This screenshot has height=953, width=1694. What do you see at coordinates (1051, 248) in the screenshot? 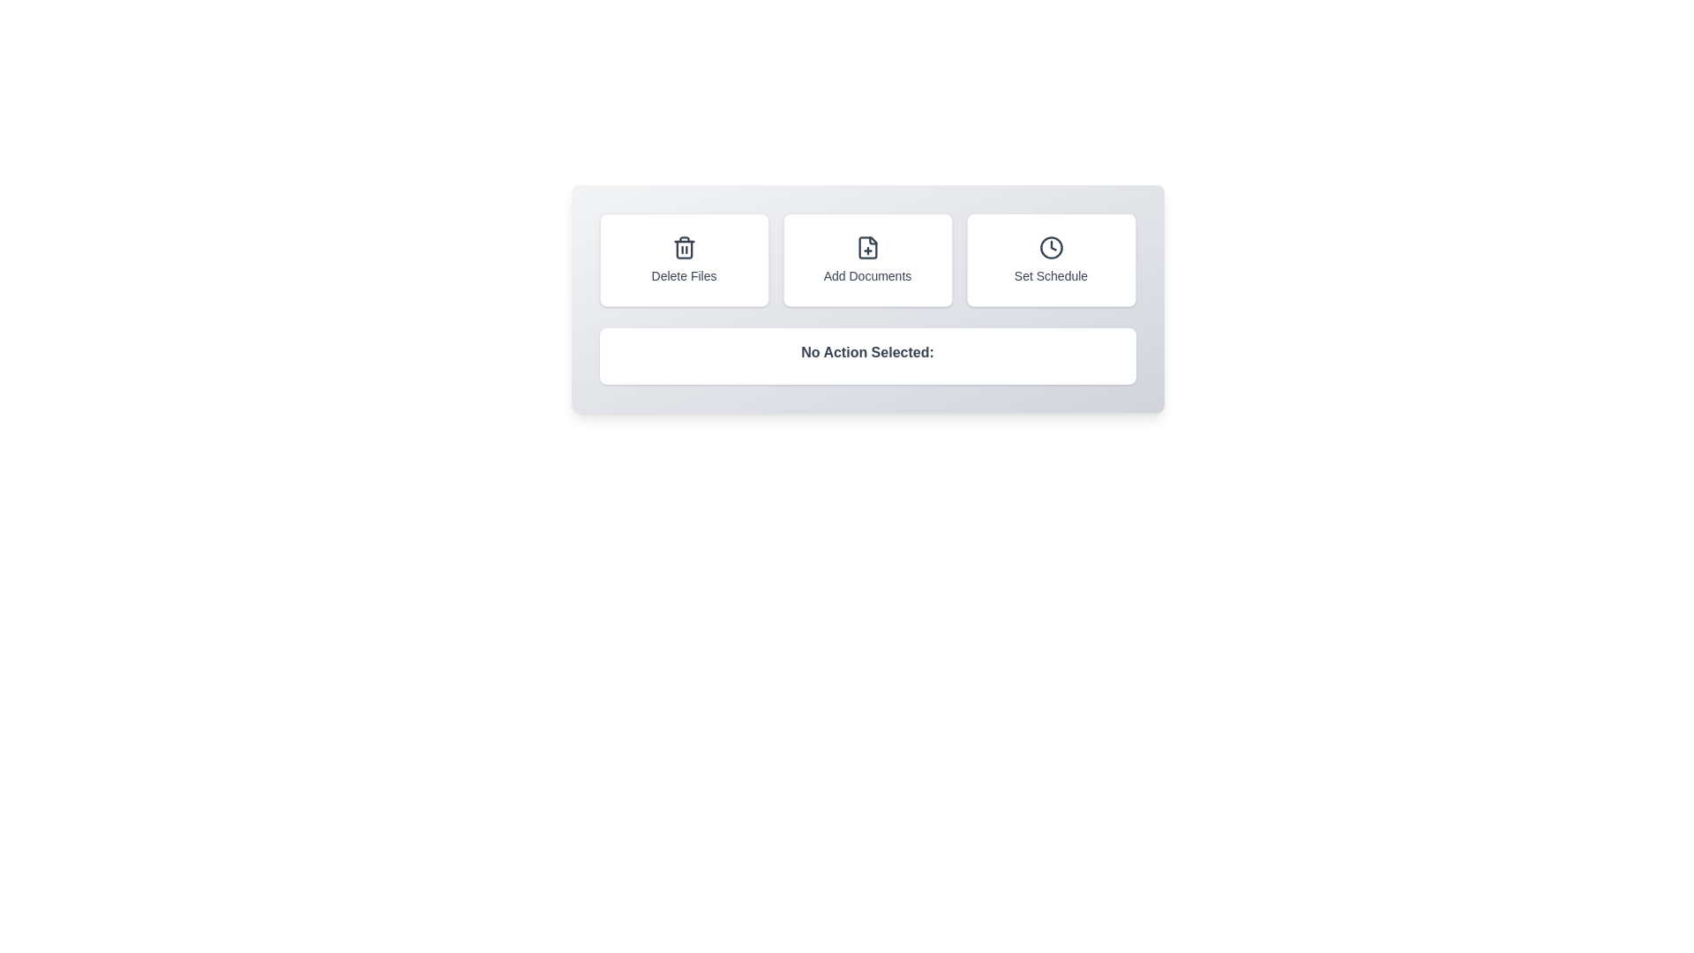
I see `the clock icon within the 'Set Schedule' button, which is a dark gray minimalist design located on the rightmost side of a three-button horizontal arrangement` at bounding box center [1051, 248].